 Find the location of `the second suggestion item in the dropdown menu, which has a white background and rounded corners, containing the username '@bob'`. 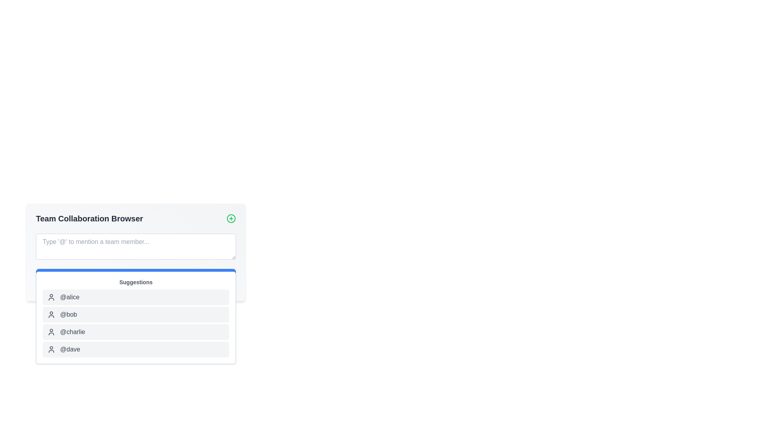

the second suggestion item in the dropdown menu, which has a white background and rounded corners, containing the username '@bob' is located at coordinates (136, 317).